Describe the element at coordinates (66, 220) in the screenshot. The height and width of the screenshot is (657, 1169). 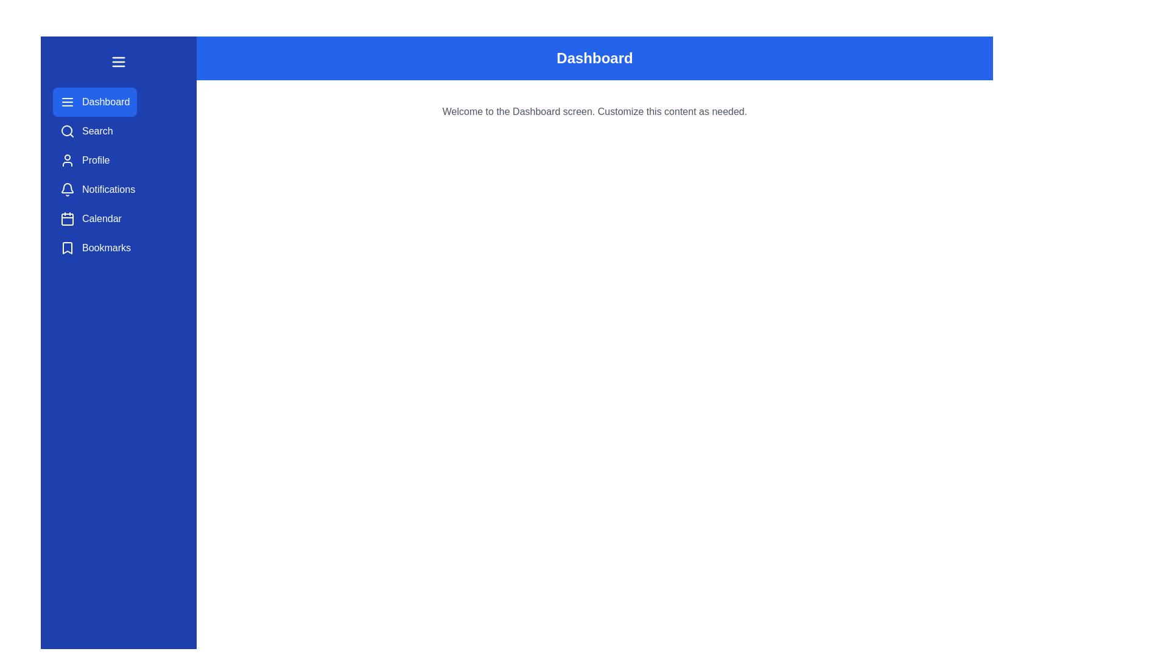
I see `the blue rectangular graphic with rounded corners located within the calendar icon in the application's sidebar` at that location.